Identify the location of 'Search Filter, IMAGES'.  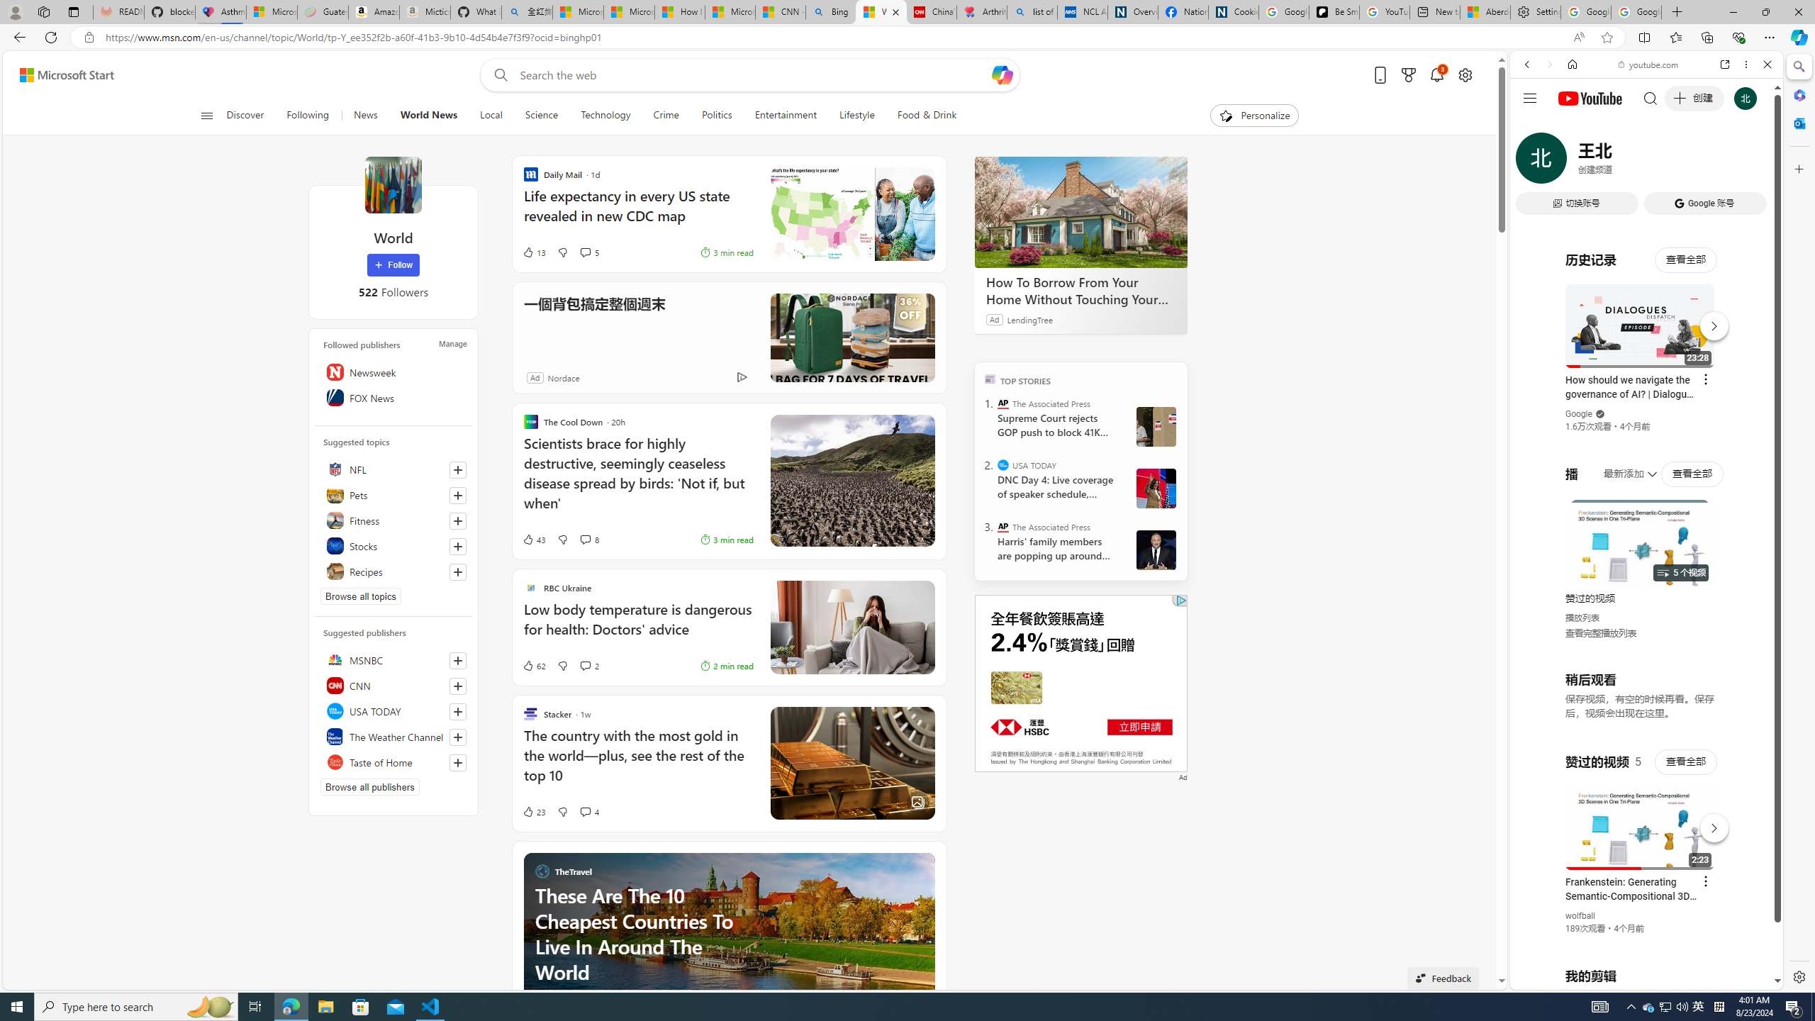
(1573, 161).